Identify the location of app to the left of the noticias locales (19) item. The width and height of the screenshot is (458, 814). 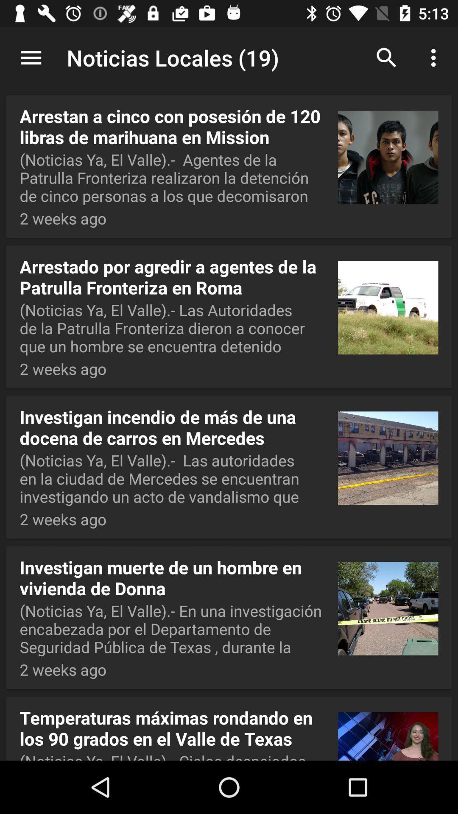
(31, 57).